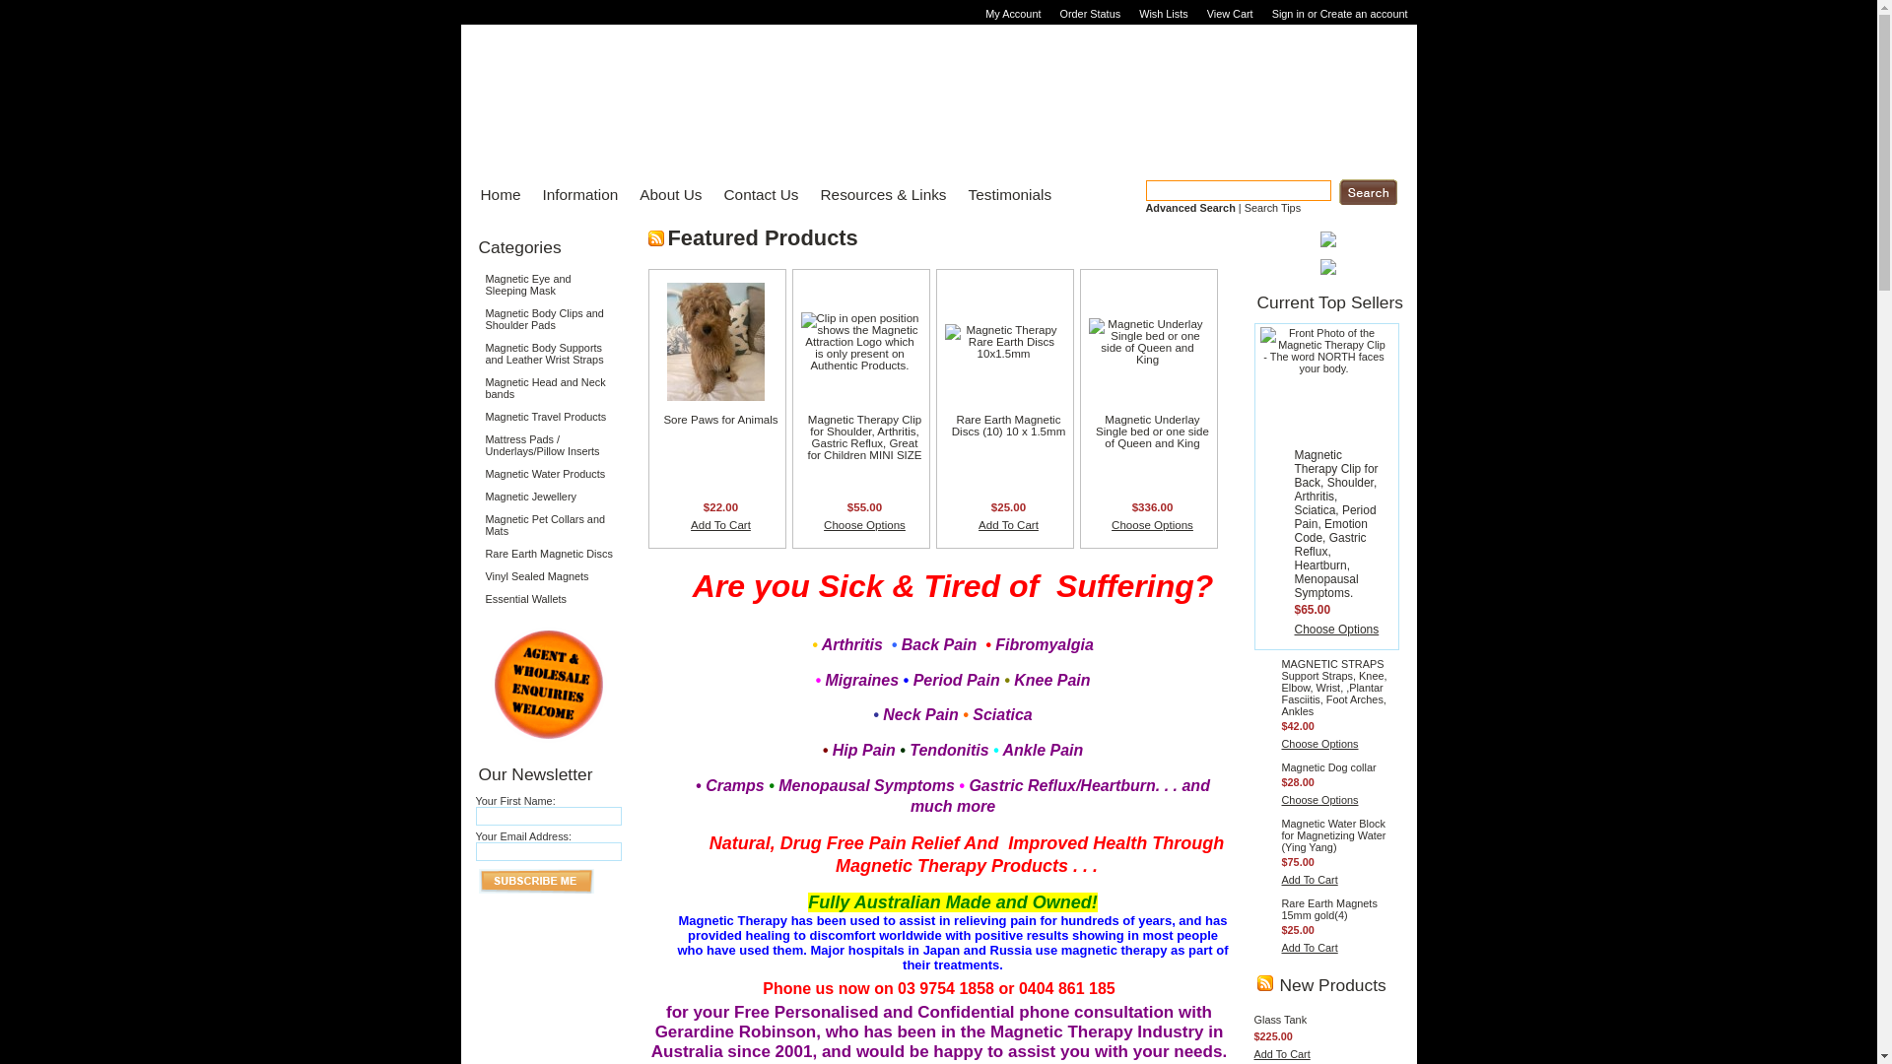 The width and height of the screenshot is (1892, 1064). I want to click on 'Resources & Links', so click(875, 194).